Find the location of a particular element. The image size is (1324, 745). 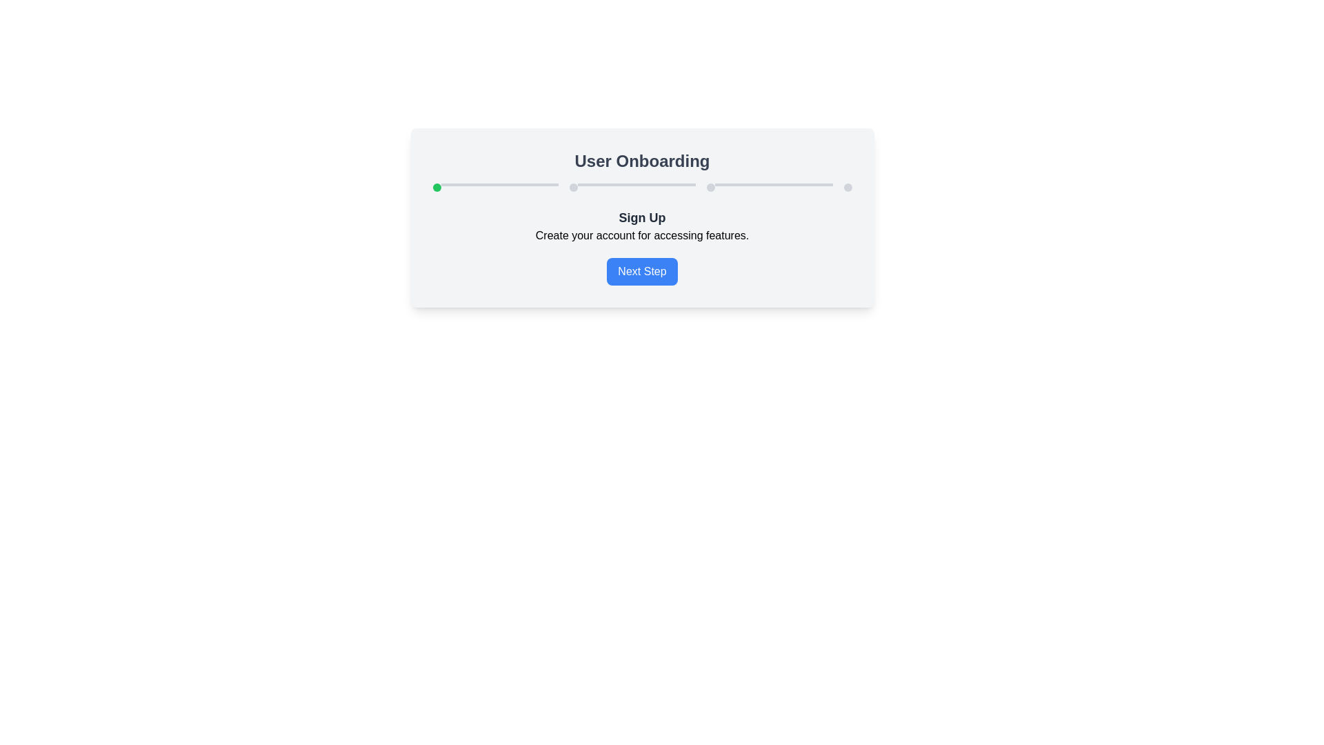

the state of the third horizontal progress bar segment in the onboarding process, which is positioned between two circular step indicators is located at coordinates (774, 183).